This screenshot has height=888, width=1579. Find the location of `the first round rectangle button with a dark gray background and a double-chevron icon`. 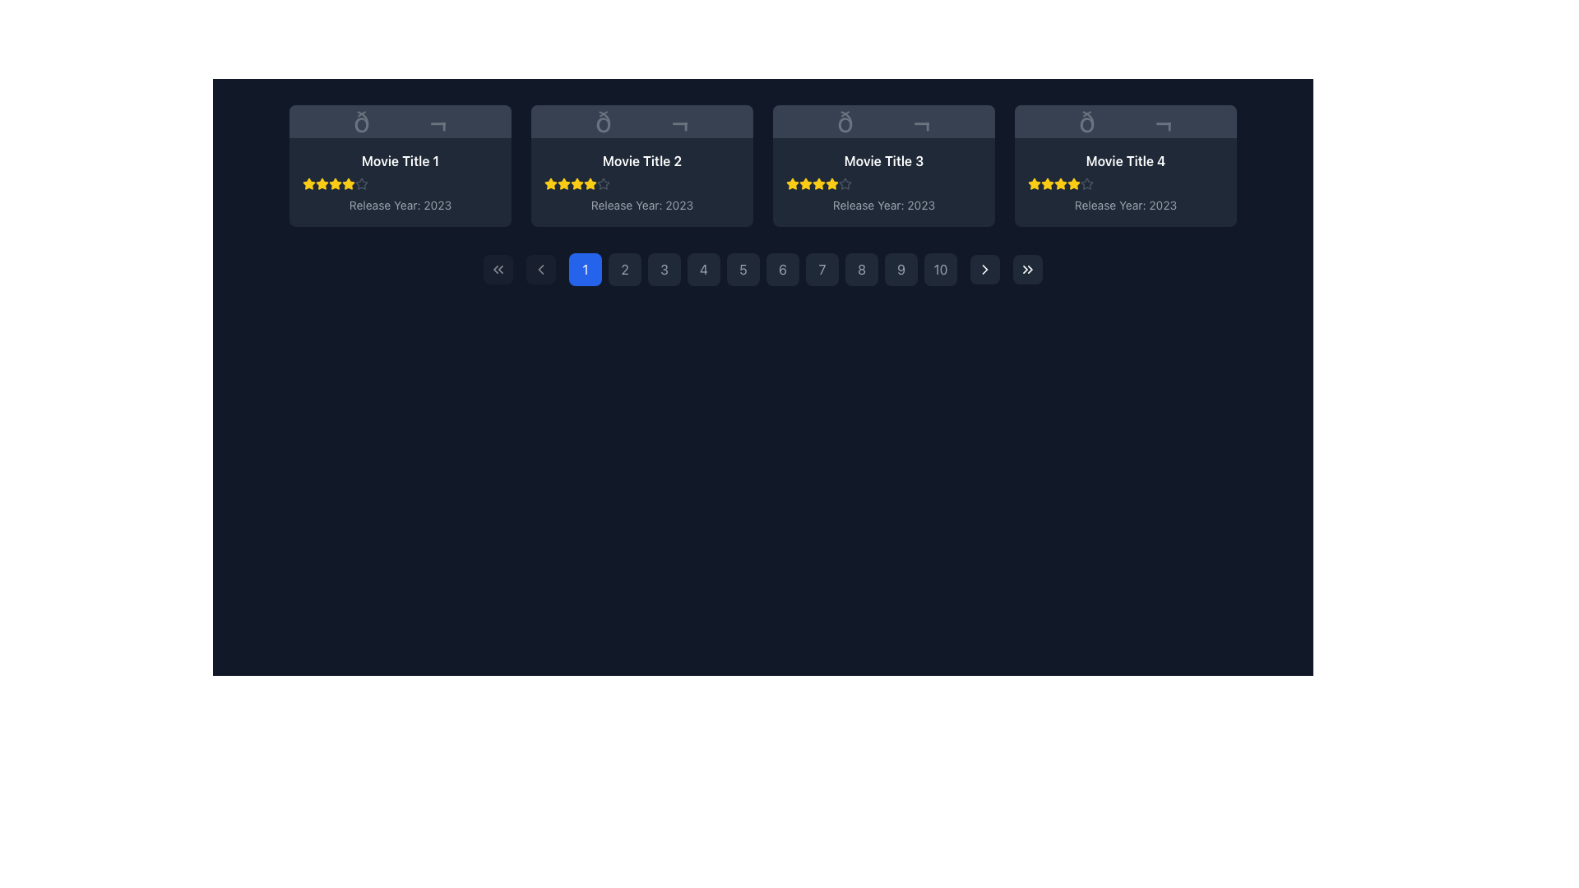

the first round rectangle button with a dark gray background and a double-chevron icon is located at coordinates (497, 268).